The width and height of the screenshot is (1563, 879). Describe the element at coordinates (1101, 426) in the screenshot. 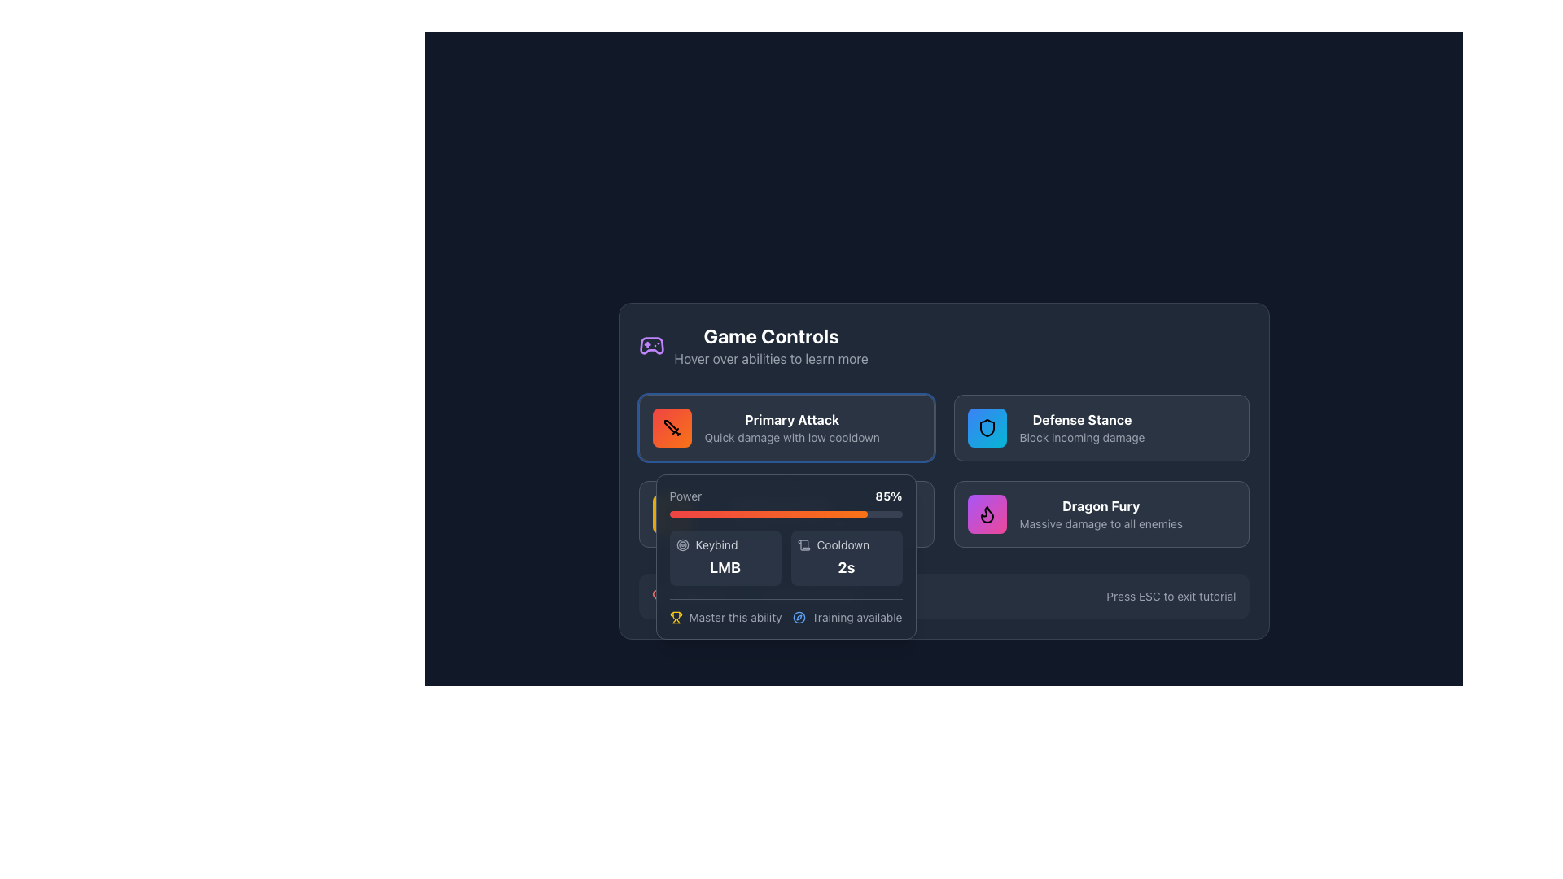

I see `the 'Defense Stance' button, which features a shield icon and has the title 'Defense Stance' in bold white text` at that location.